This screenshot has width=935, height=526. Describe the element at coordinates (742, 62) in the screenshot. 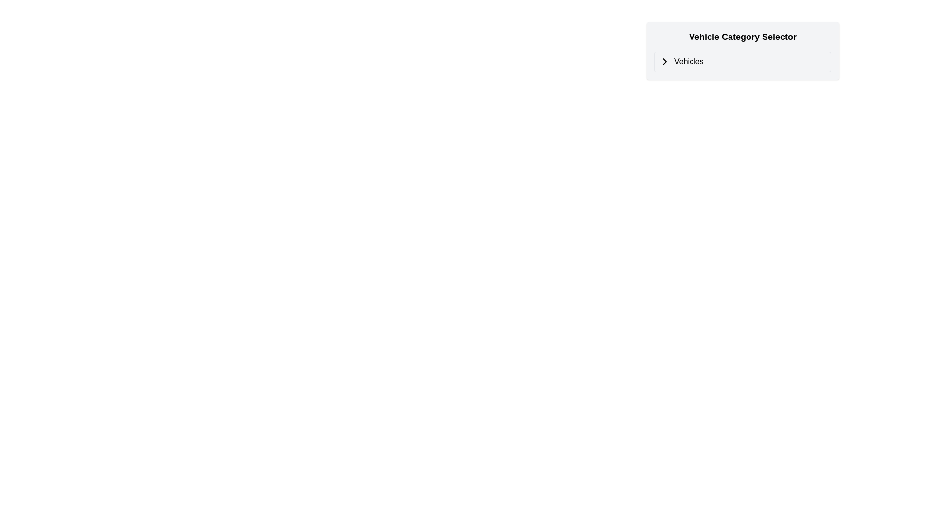

I see `the navigation link in the 'Vehicle Category Selector' section to interact or navigate` at that location.